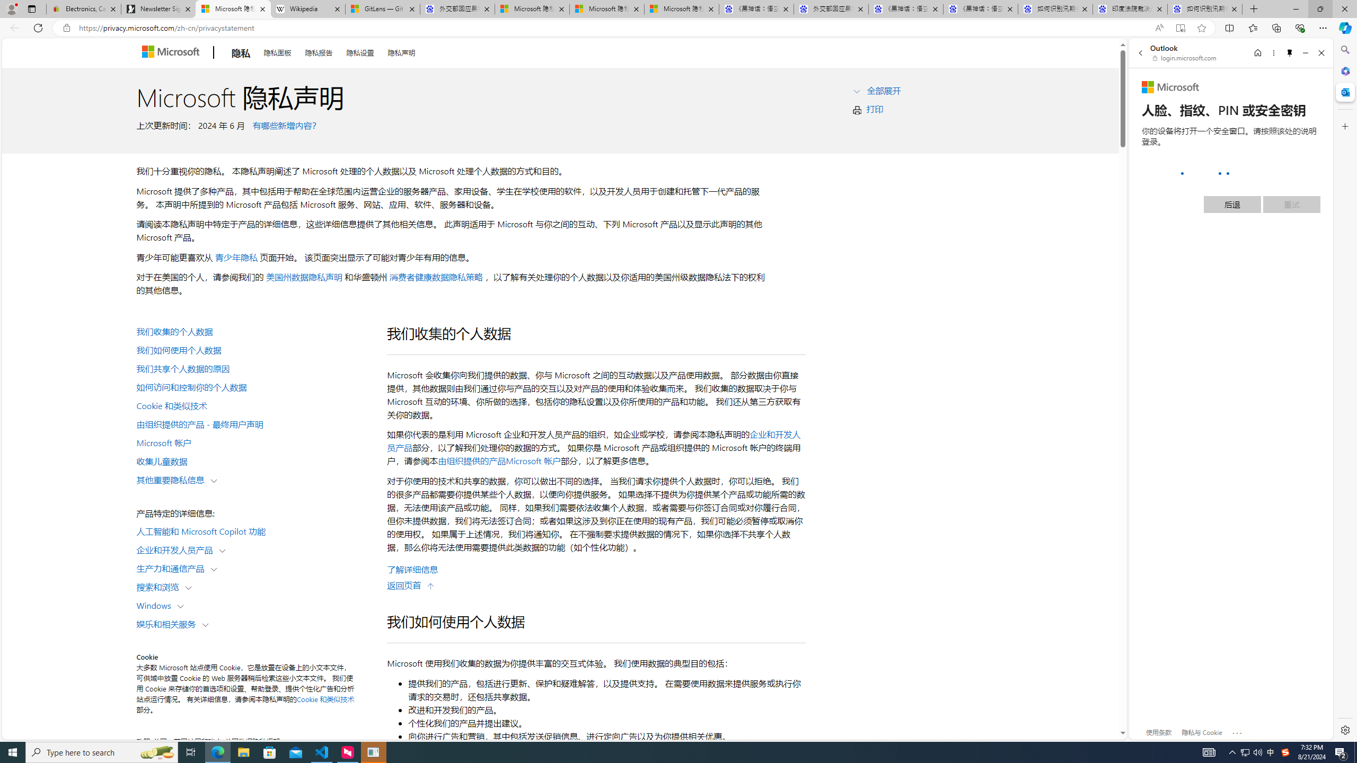  Describe the element at coordinates (155, 605) in the screenshot. I see `'Windows'` at that location.